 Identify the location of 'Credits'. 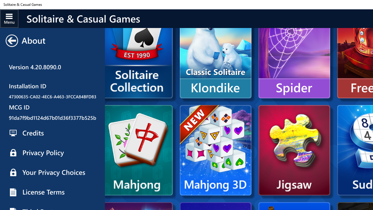
(52, 133).